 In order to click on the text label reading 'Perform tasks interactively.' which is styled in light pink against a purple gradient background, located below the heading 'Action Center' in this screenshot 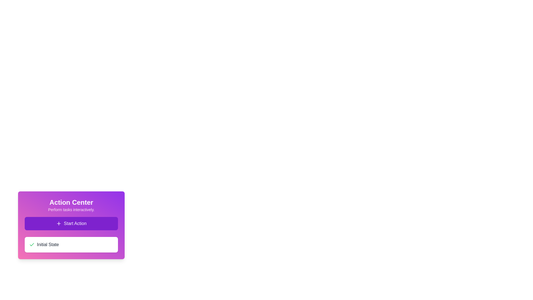, I will do `click(71, 210)`.